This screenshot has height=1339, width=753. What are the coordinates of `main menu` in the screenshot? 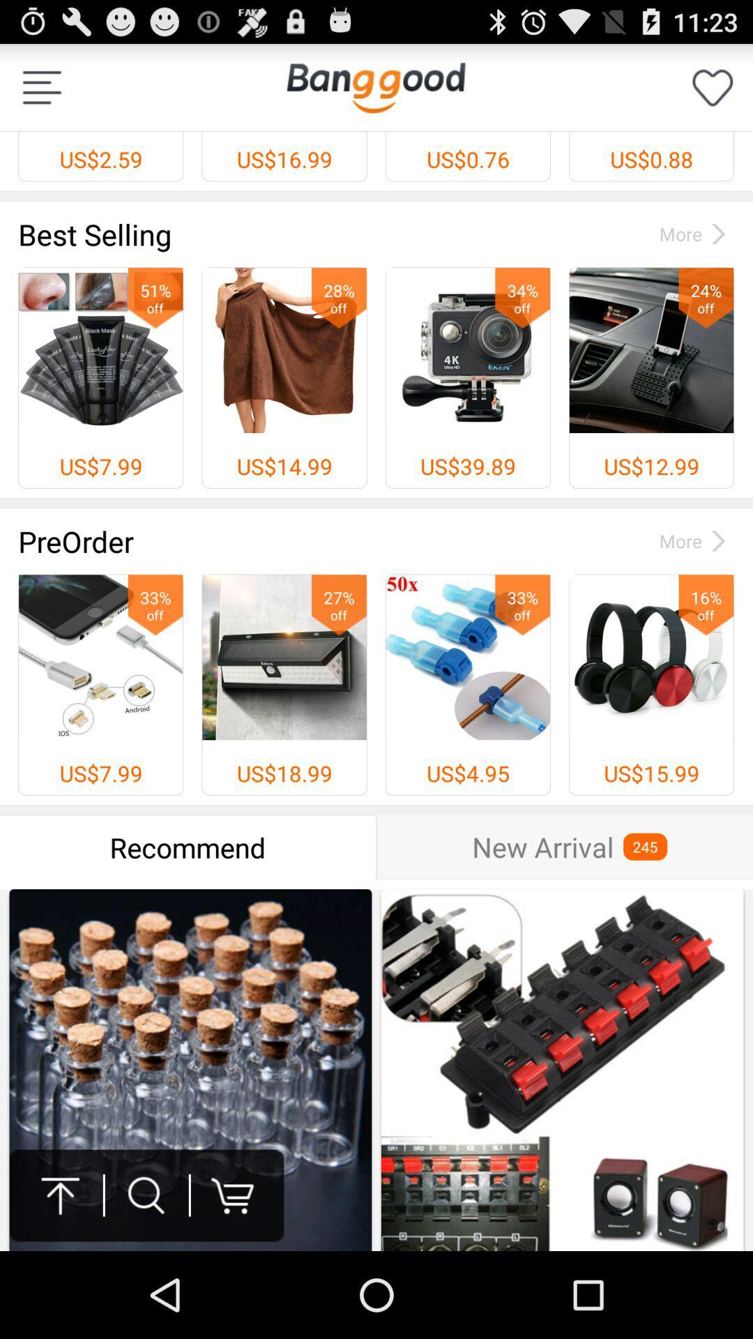 It's located at (41, 86).